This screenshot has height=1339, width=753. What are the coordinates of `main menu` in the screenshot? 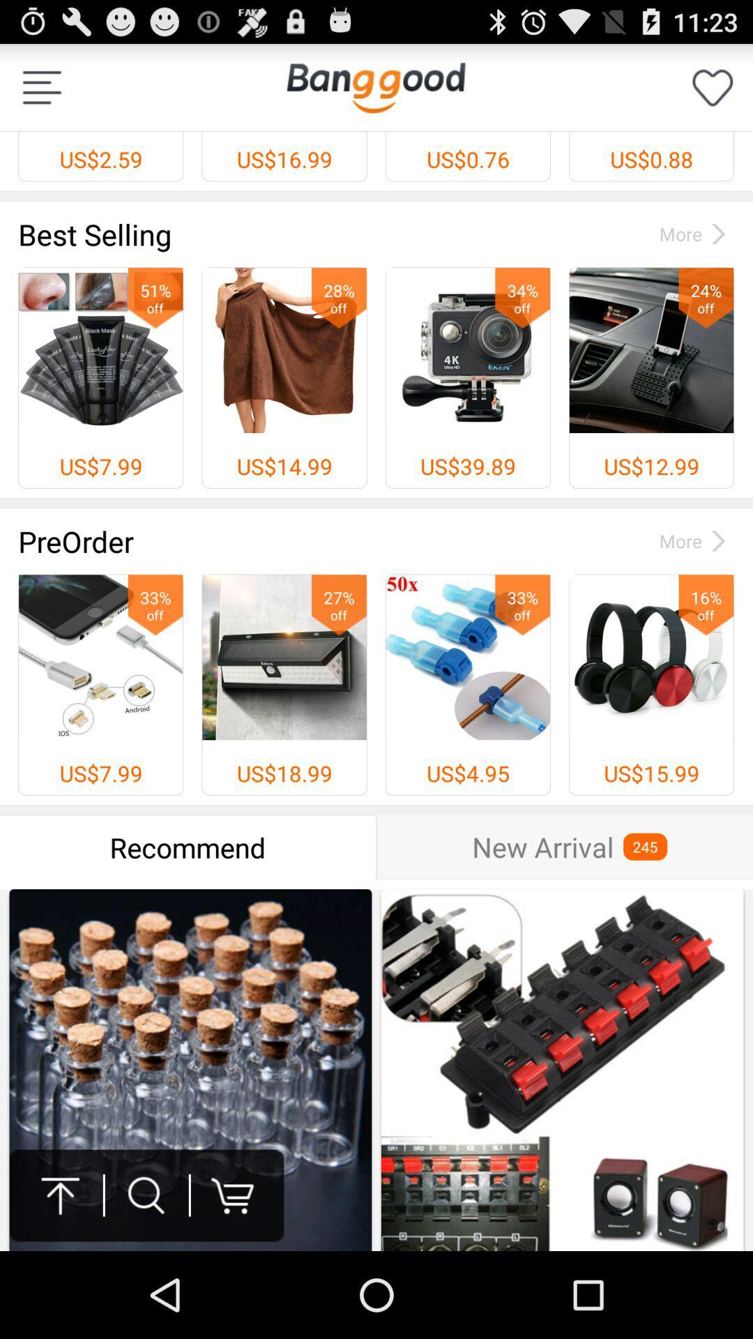 It's located at (41, 86).